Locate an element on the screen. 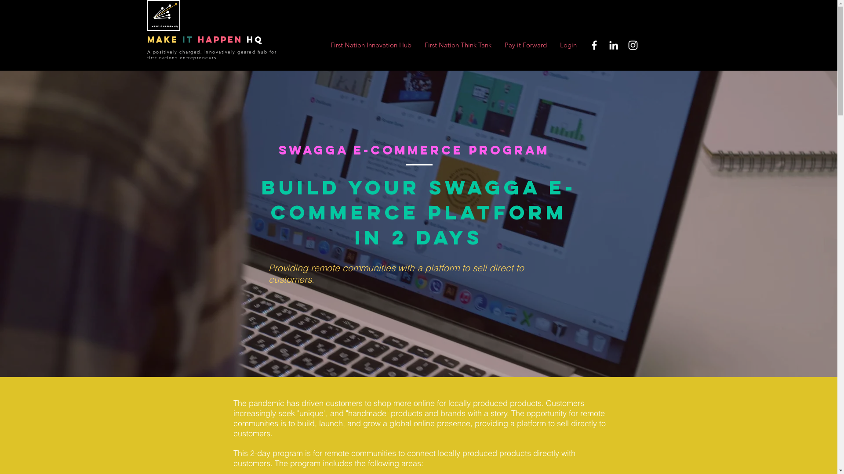 The height and width of the screenshot is (474, 844). 'Login' is located at coordinates (552, 45).